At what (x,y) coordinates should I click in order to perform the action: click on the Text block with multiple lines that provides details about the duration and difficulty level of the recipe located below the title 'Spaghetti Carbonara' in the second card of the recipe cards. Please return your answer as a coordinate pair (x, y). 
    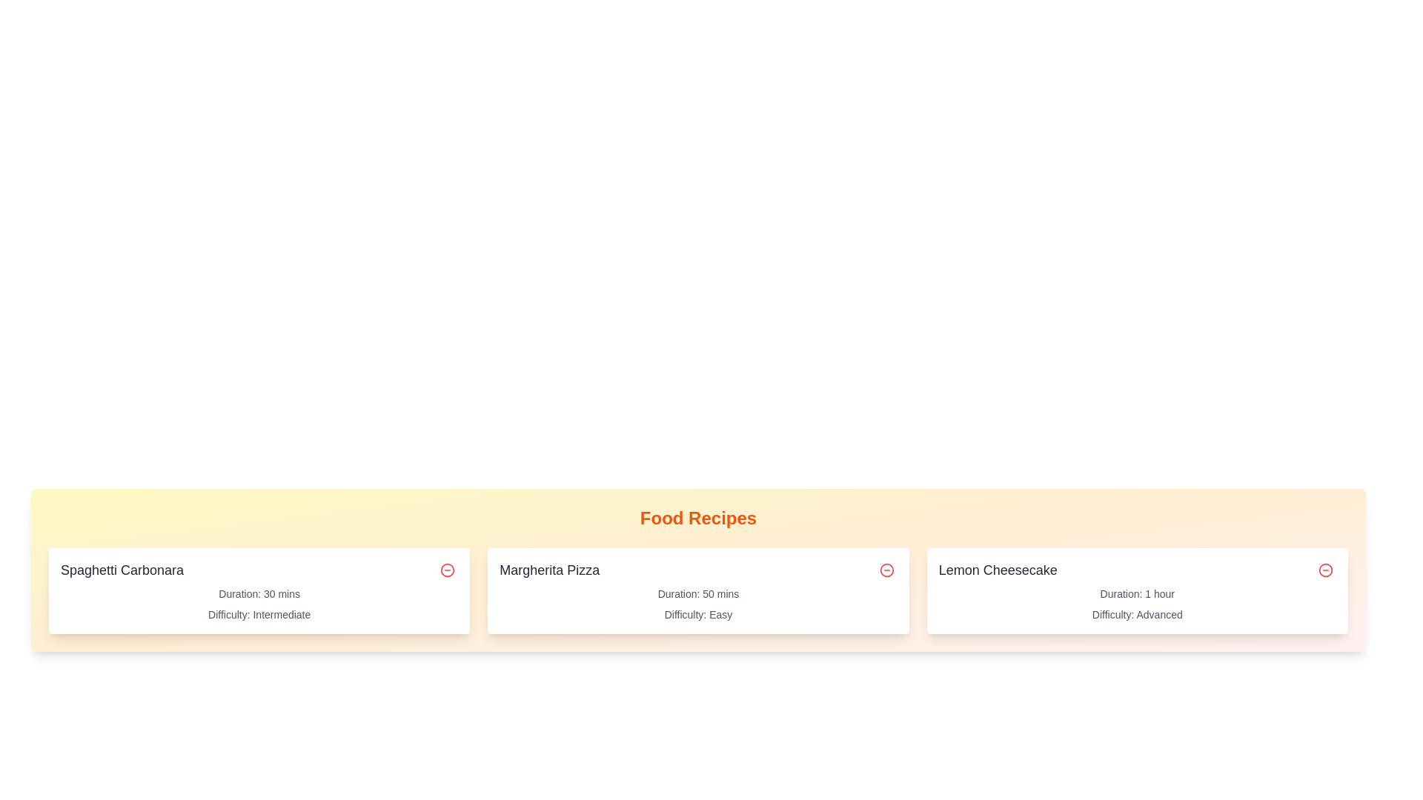
    Looking at the image, I should click on (259, 604).